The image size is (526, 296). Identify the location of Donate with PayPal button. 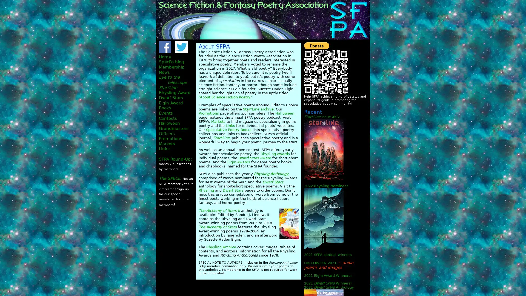
(317, 45).